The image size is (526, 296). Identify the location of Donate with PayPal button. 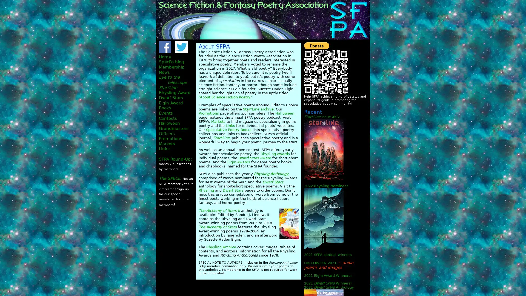
(317, 45).